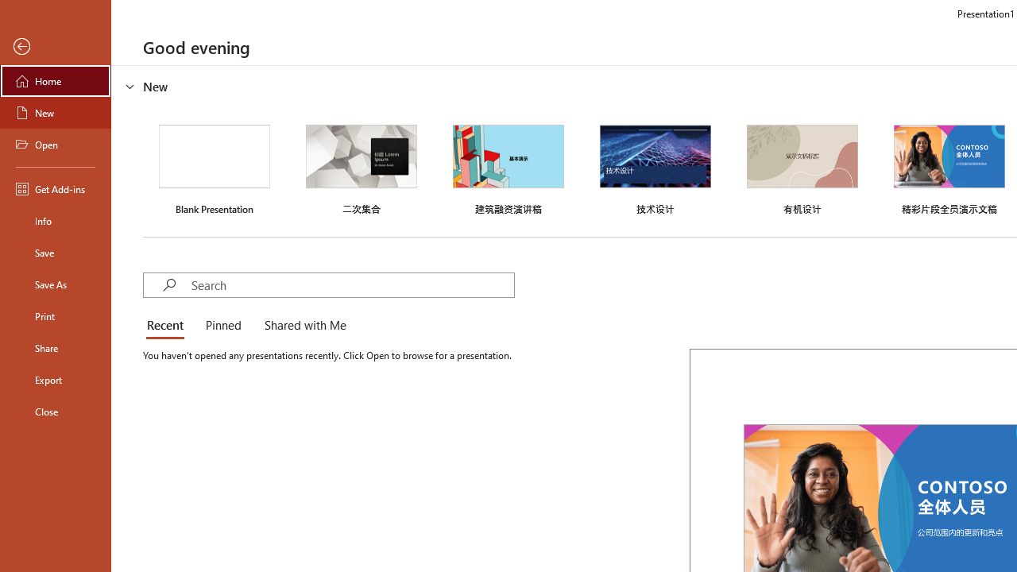  What do you see at coordinates (55, 283) in the screenshot?
I see `'Save As'` at bounding box center [55, 283].